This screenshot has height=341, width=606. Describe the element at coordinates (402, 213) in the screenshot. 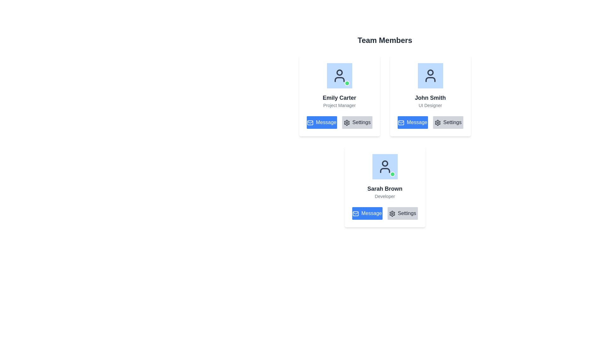

I see `the 'Settings' button located below the 'Sarah Brown' profile block` at that location.